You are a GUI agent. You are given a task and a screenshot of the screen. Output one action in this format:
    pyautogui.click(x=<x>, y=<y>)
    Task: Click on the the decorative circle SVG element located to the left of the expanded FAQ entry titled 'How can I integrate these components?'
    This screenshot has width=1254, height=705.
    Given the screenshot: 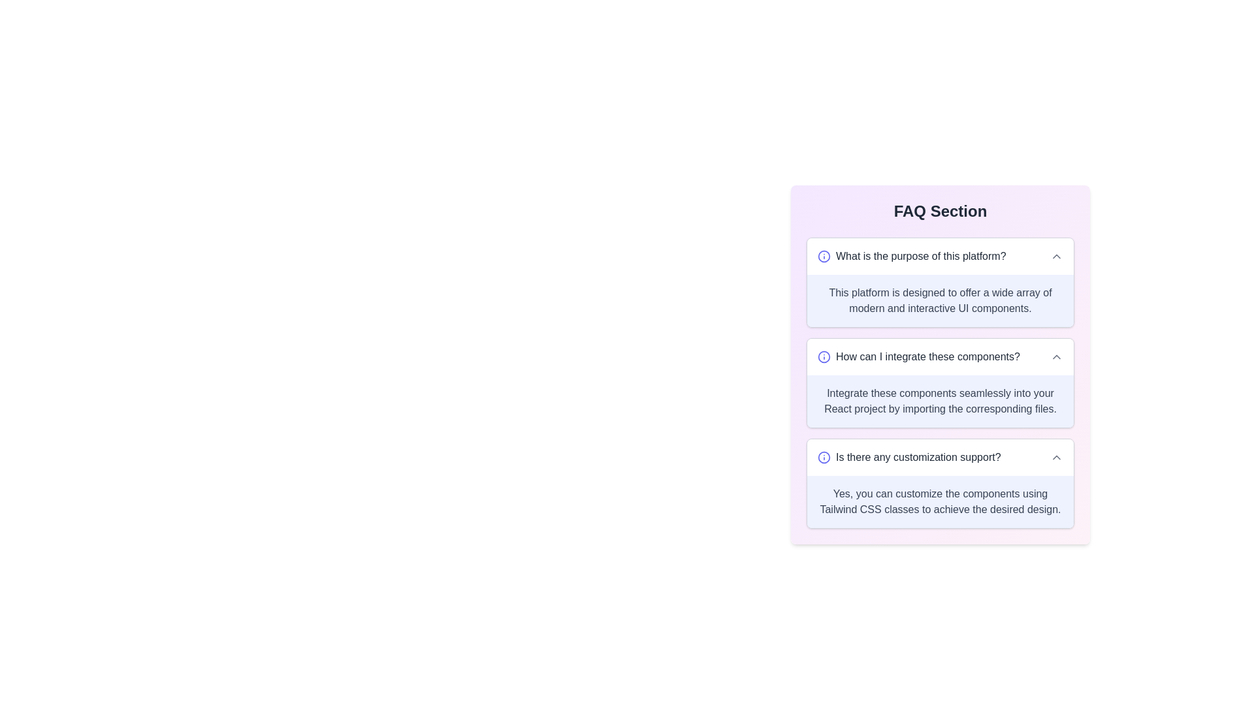 What is the action you would take?
    pyautogui.click(x=824, y=357)
    